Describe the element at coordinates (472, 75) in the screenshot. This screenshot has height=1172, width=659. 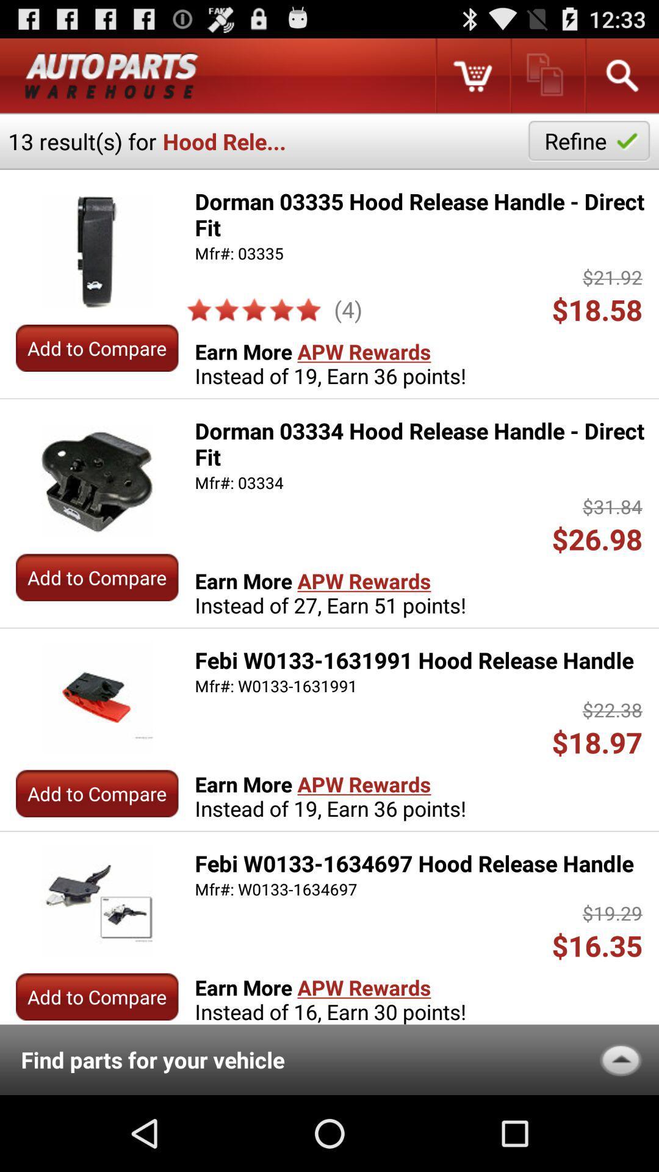
I see `shopping cart` at that location.